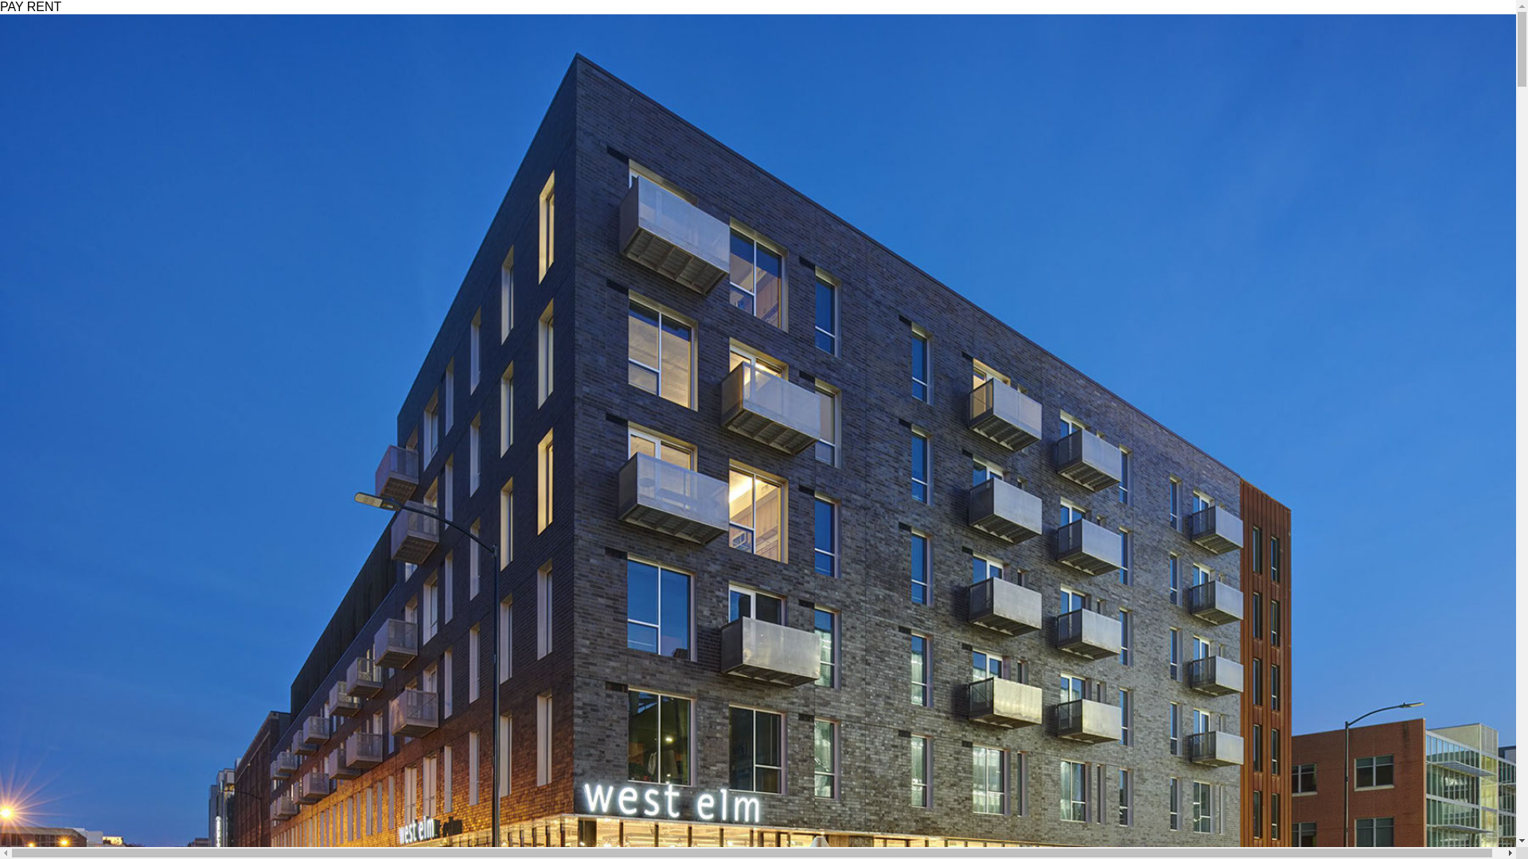  Describe the element at coordinates (30, 6) in the screenshot. I see `'PAY RENT'` at that location.